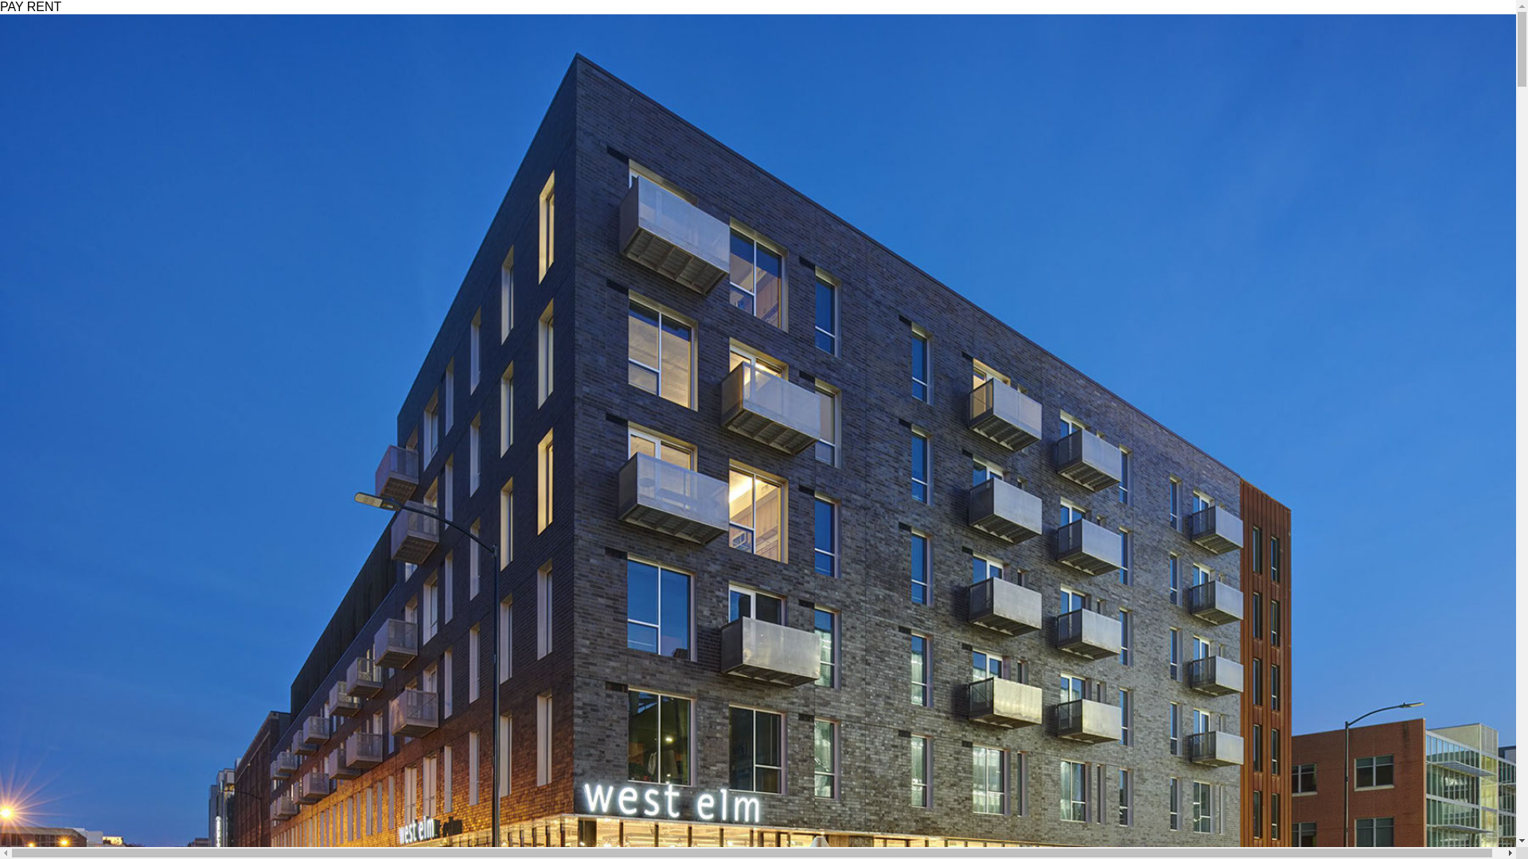  Describe the element at coordinates (30, 6) in the screenshot. I see `'PAY RENT'` at that location.